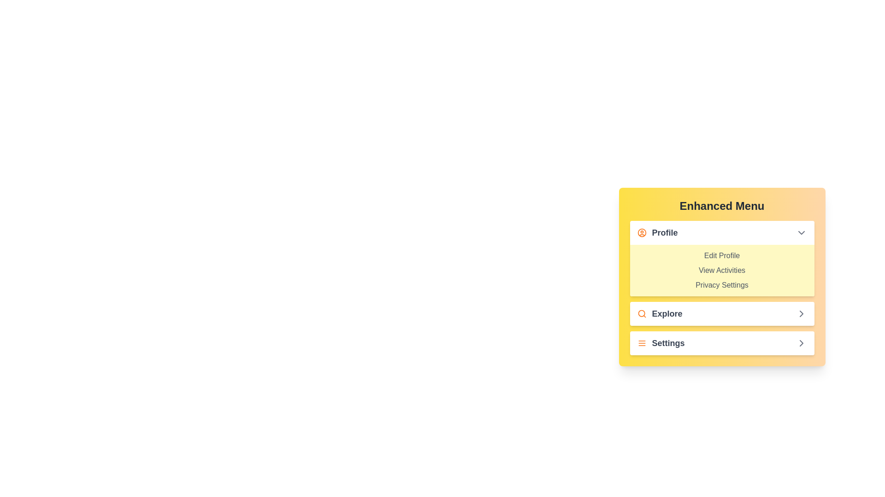 The height and width of the screenshot is (497, 885). What do you see at coordinates (667, 313) in the screenshot?
I see `the 'Explore' label which is displayed in bold grayish text within a menu interface, located below the 'Profile' section and above the 'Settings' section` at bounding box center [667, 313].